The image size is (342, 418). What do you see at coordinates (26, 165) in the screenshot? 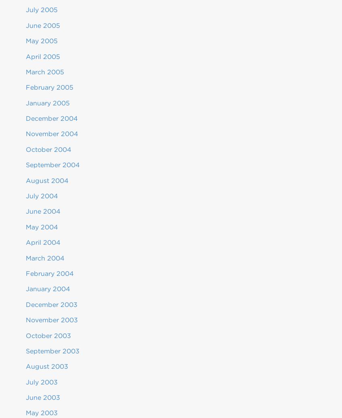
I see `'September 2004'` at bounding box center [26, 165].